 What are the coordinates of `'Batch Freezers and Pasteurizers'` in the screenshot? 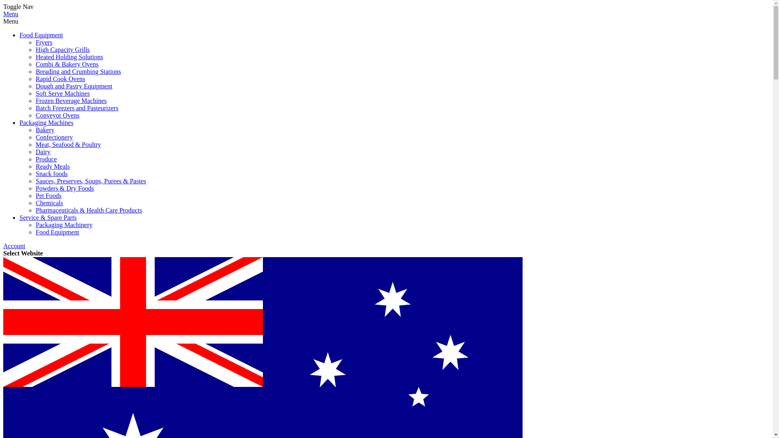 It's located at (77, 107).